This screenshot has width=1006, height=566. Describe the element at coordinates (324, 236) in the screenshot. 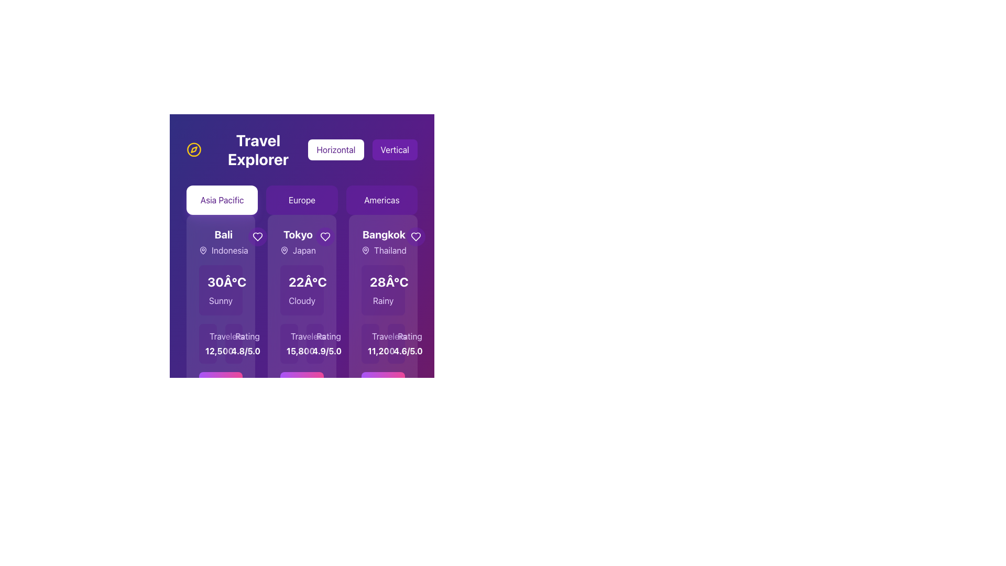

I see `the circular button with a purple background and a white heart icon located above the 'Tokyo' card in the 'Travel Explorer' interface for keyboard interaction` at that location.